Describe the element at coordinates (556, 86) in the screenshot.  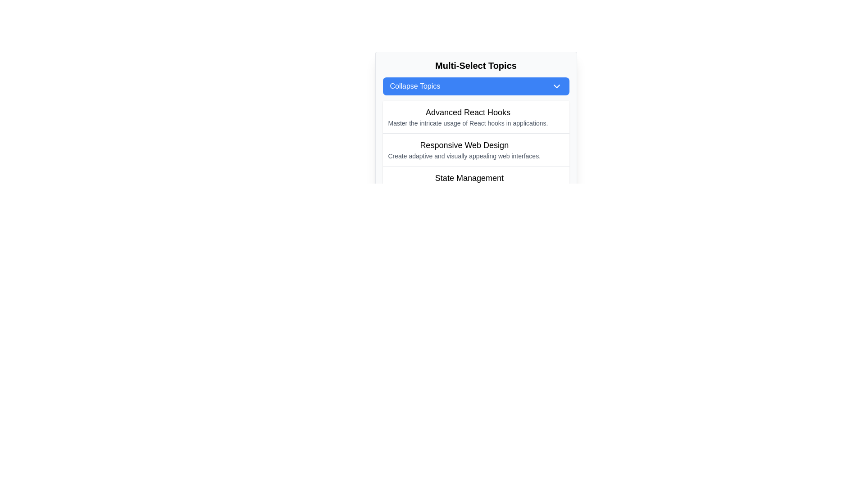
I see `the downward-pointing chevron arrow icon located at the far-right end of the 'Collapse Topics' button, which has a white fill and a blue background` at that location.